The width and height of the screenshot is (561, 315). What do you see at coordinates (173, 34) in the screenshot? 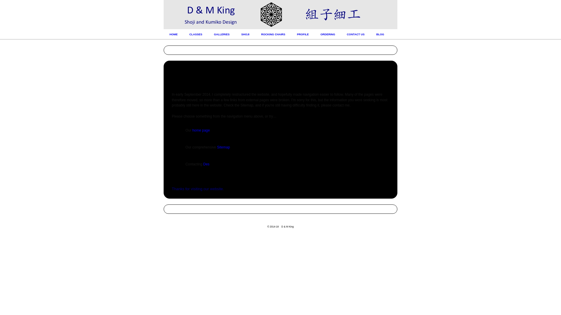
I see `'HOME'` at bounding box center [173, 34].